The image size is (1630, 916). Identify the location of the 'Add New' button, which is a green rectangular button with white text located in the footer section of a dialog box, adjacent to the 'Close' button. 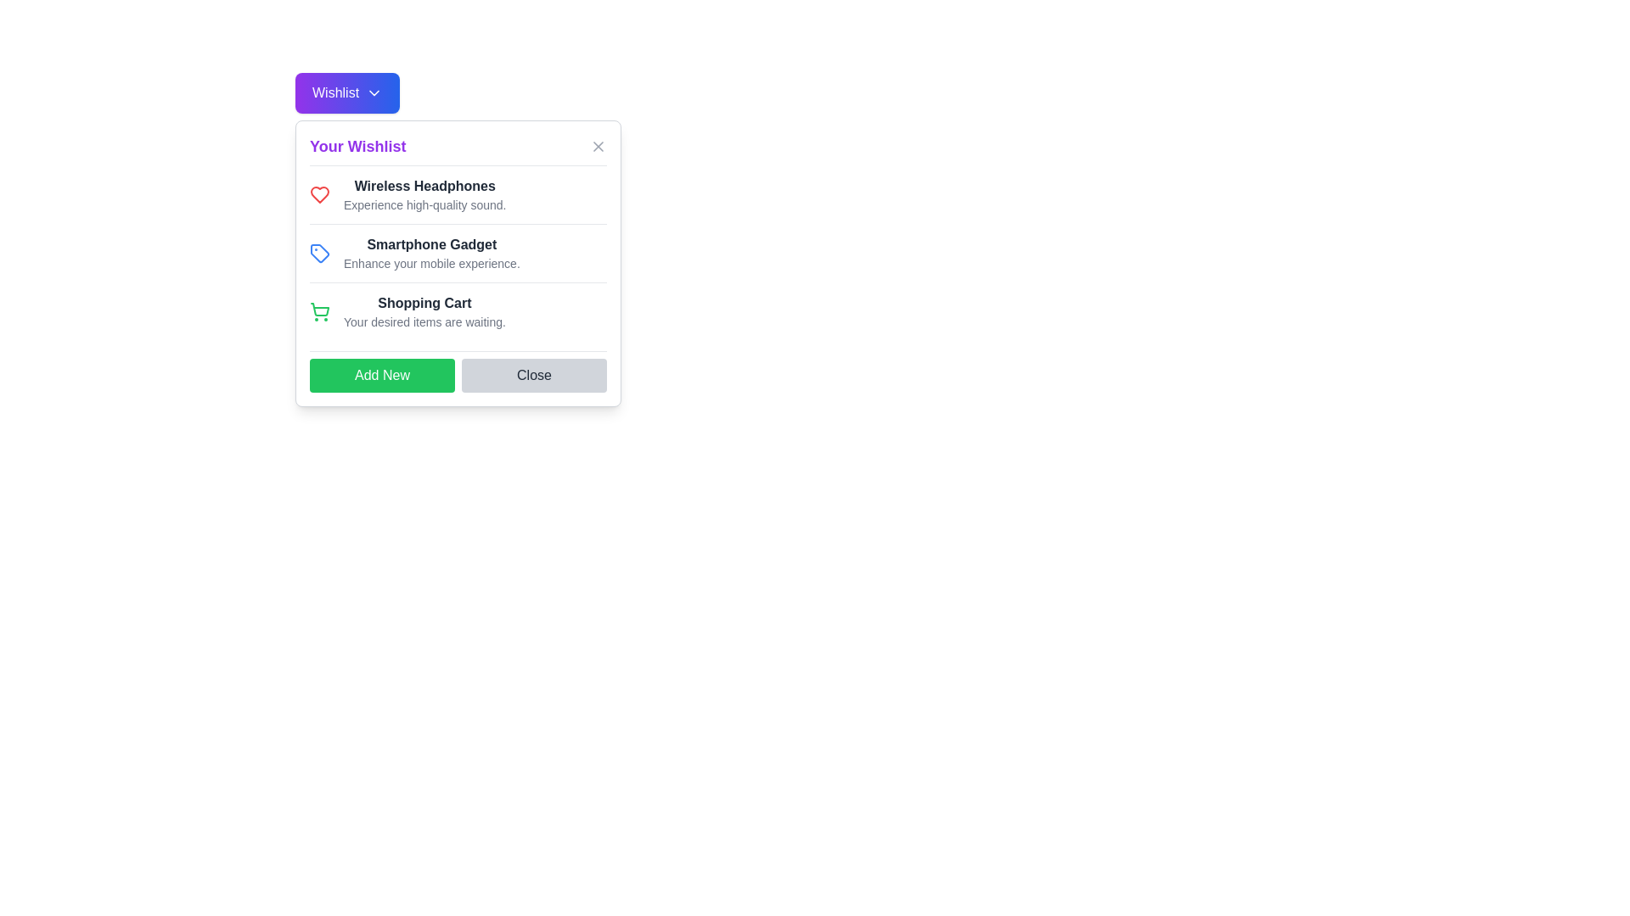
(381, 375).